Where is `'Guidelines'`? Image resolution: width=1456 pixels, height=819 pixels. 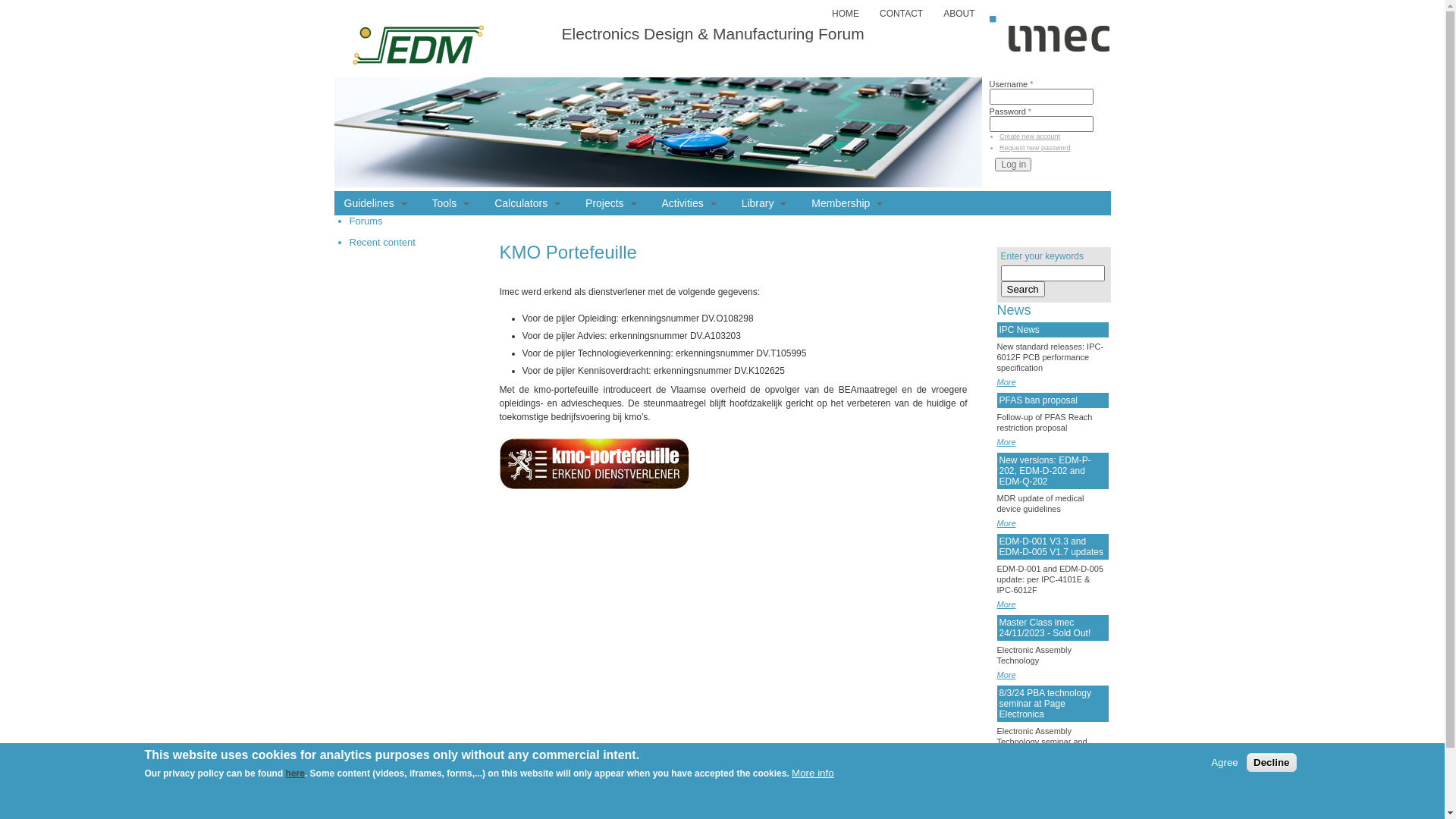
'Guidelines' is located at coordinates (375, 202).